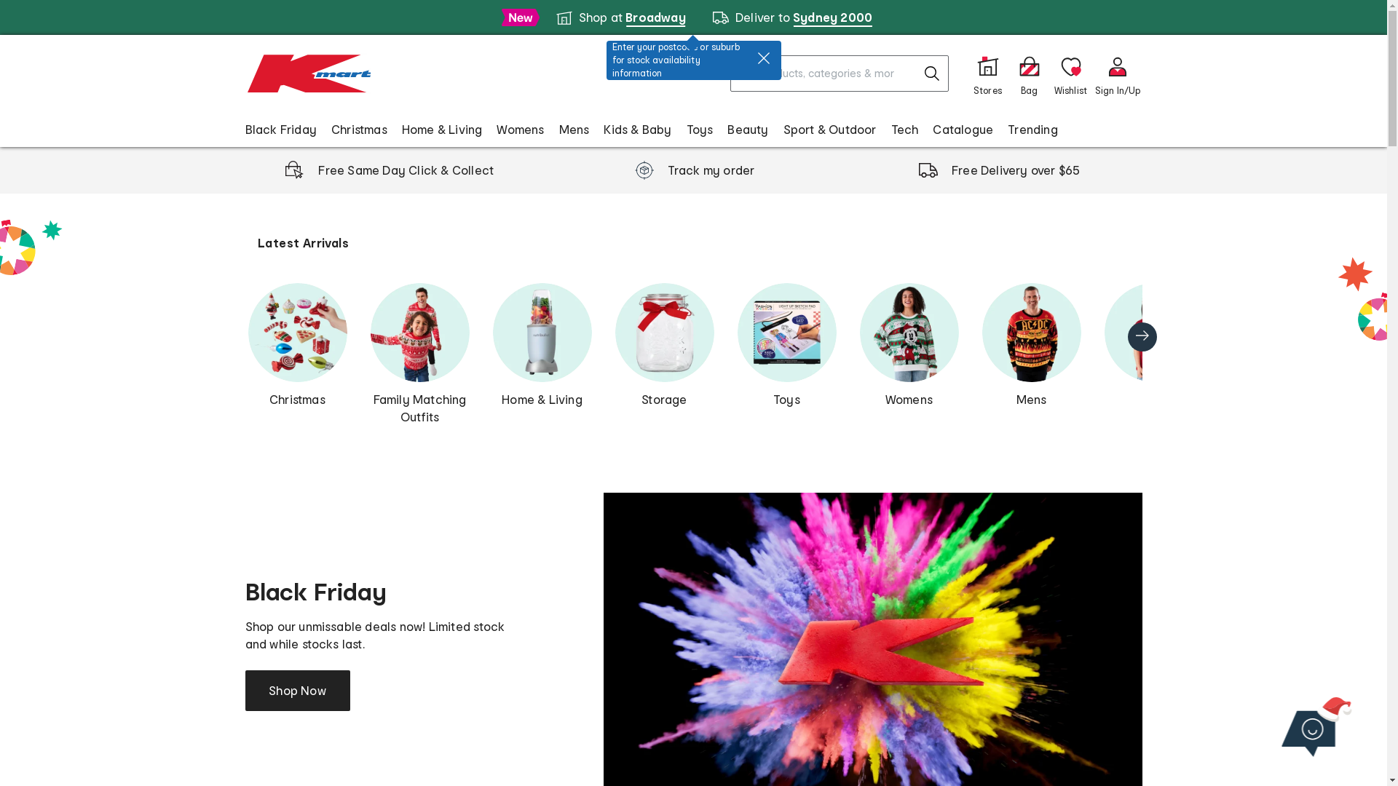 The width and height of the screenshot is (1398, 786). What do you see at coordinates (692, 170) in the screenshot?
I see `'Track my order'` at bounding box center [692, 170].